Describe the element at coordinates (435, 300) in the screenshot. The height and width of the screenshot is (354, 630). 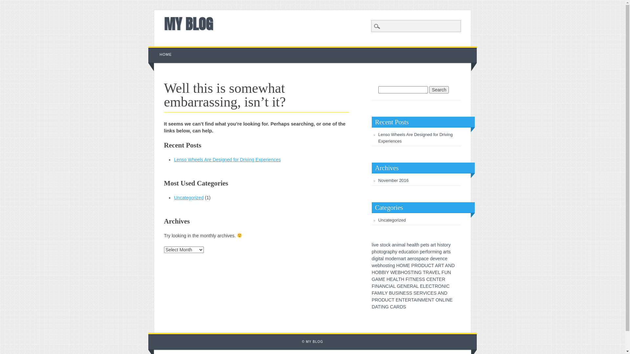
I see `'O'` at that location.